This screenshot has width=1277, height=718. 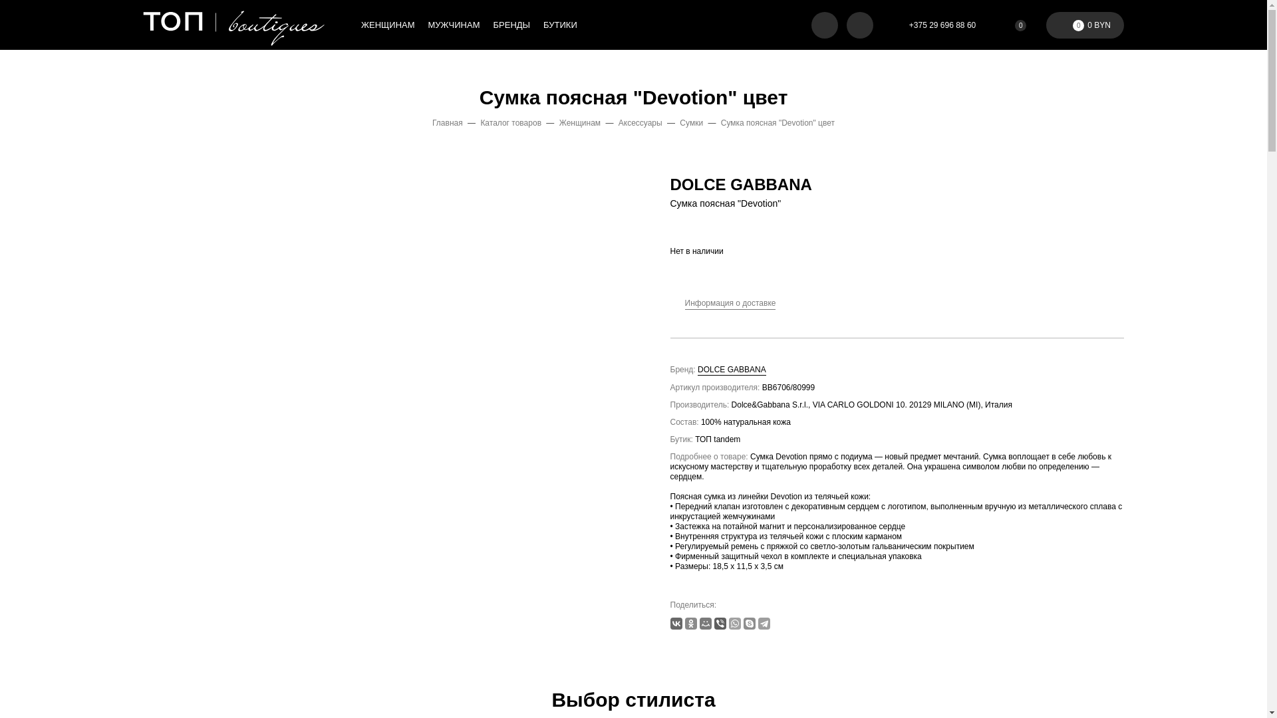 I want to click on '0', so click(x=1012, y=25).